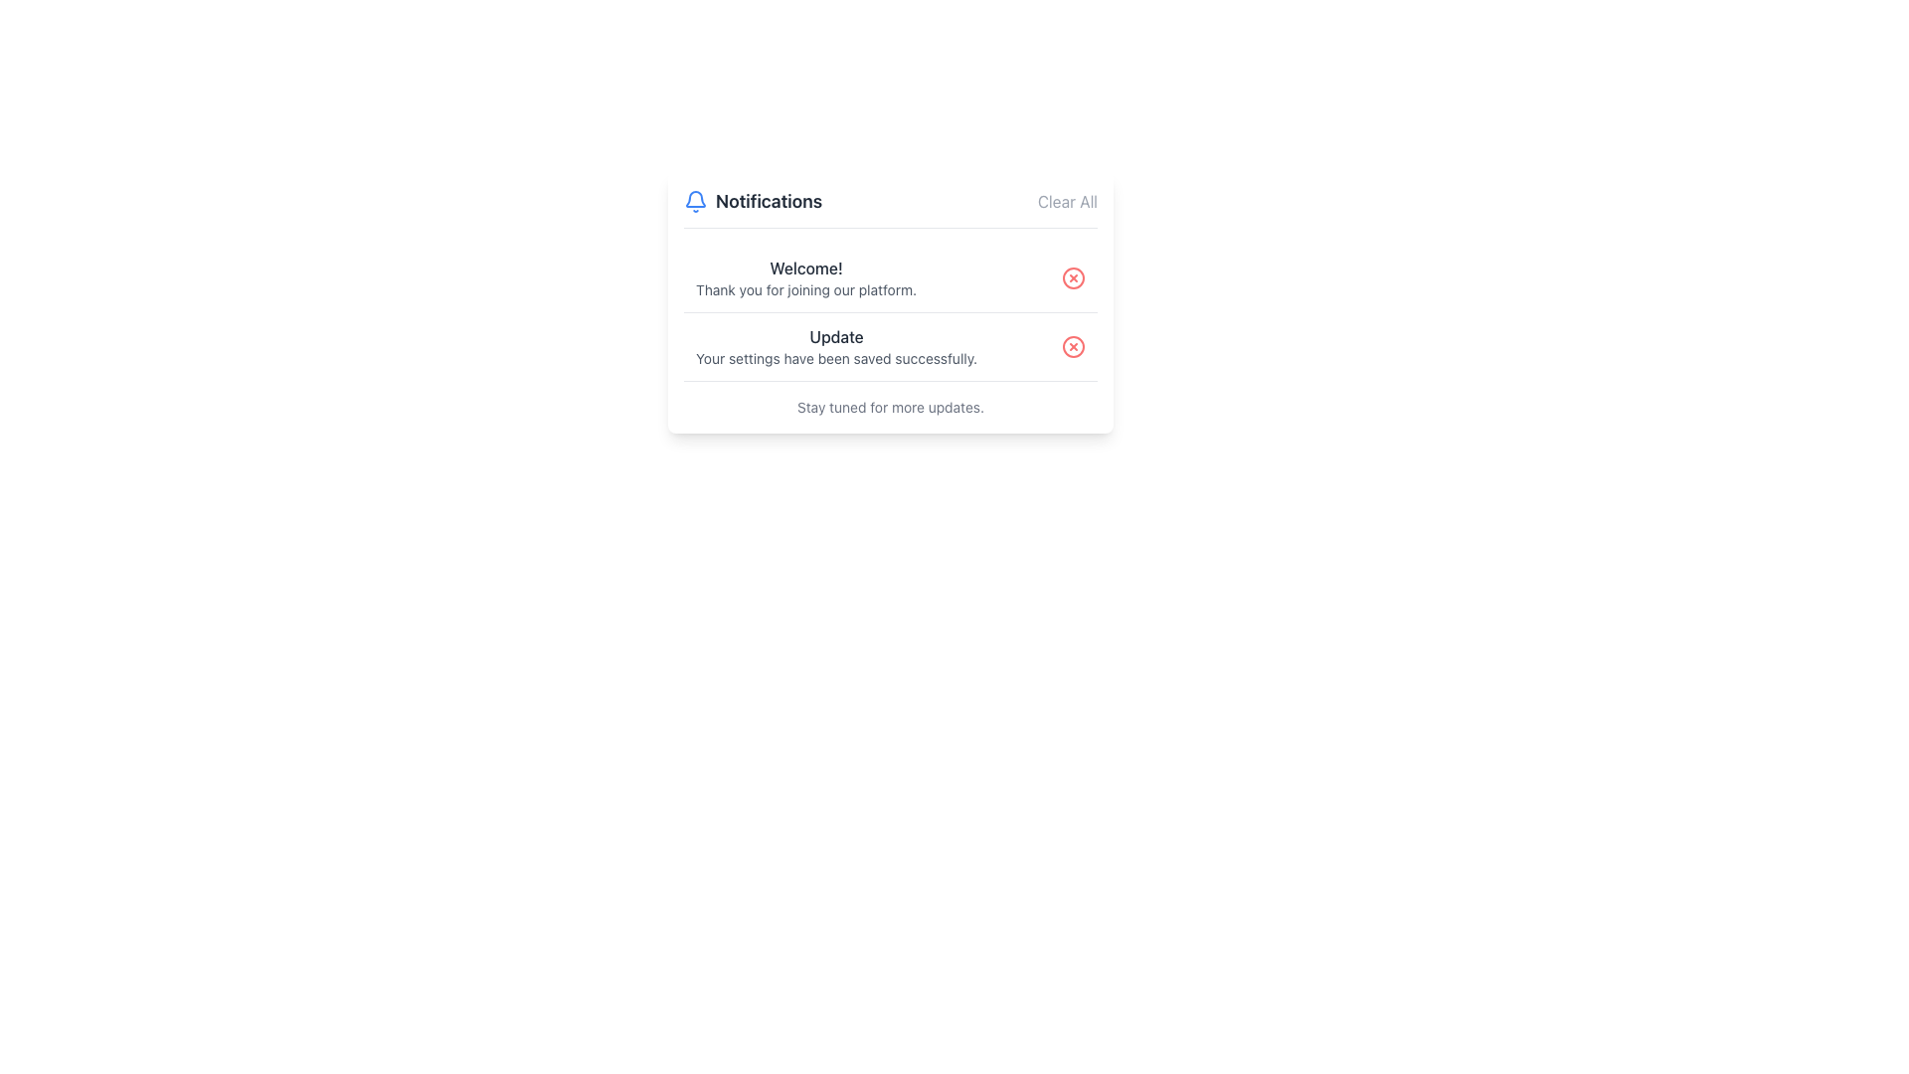  What do you see at coordinates (696, 199) in the screenshot?
I see `the decorative vector graphic representing the notification bell, which is located to the left of the 'Notifications' heading in the notification center panel` at bounding box center [696, 199].